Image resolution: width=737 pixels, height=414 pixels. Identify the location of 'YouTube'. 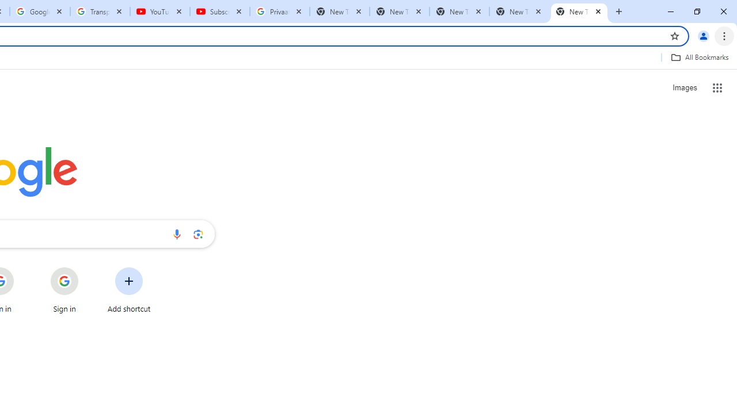
(159, 11).